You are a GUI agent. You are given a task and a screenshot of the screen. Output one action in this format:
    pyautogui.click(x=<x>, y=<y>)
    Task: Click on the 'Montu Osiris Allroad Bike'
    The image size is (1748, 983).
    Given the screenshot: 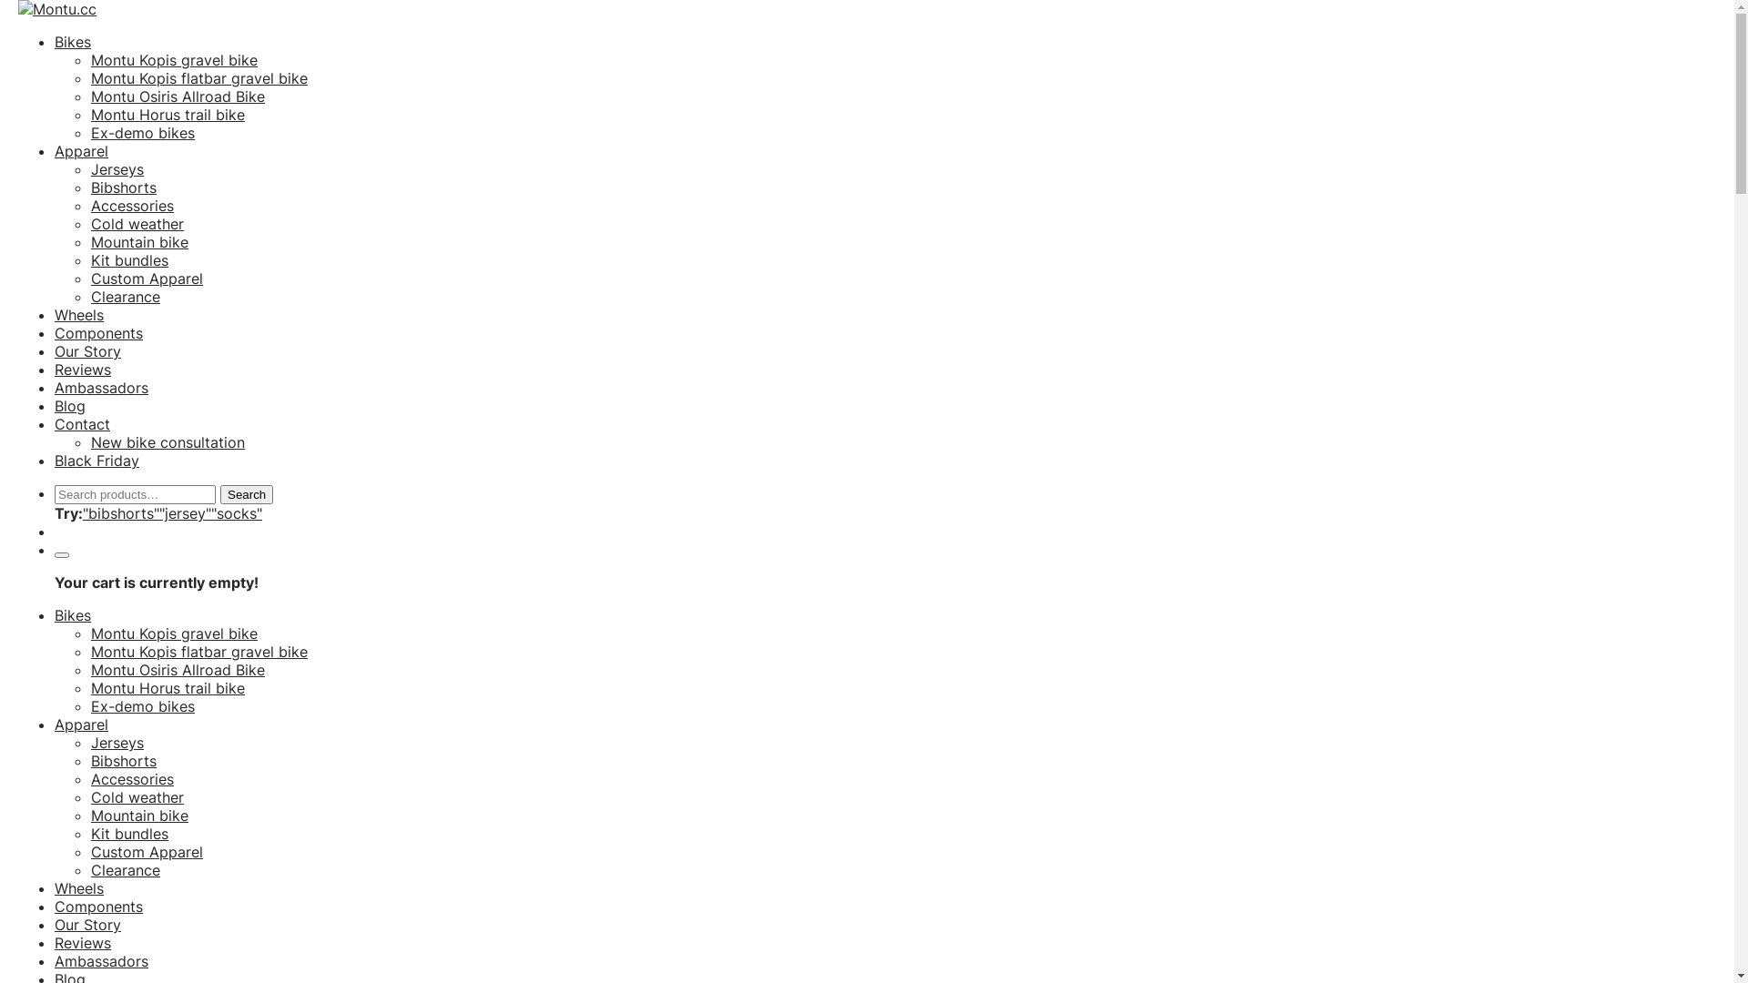 What is the action you would take?
    pyautogui.click(x=90, y=670)
    